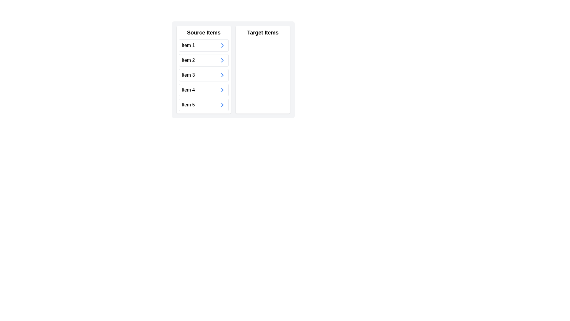 The width and height of the screenshot is (570, 321). I want to click on the third list item in the 'Source Items' section to interact or navigate, so click(204, 75).